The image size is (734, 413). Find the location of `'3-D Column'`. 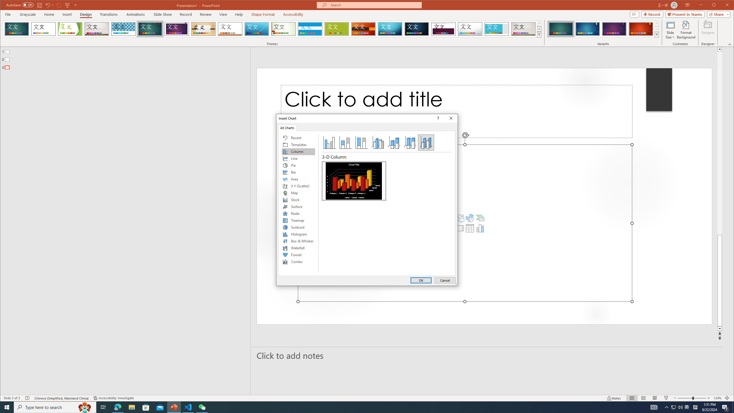

'3-D Column' is located at coordinates (353, 180).